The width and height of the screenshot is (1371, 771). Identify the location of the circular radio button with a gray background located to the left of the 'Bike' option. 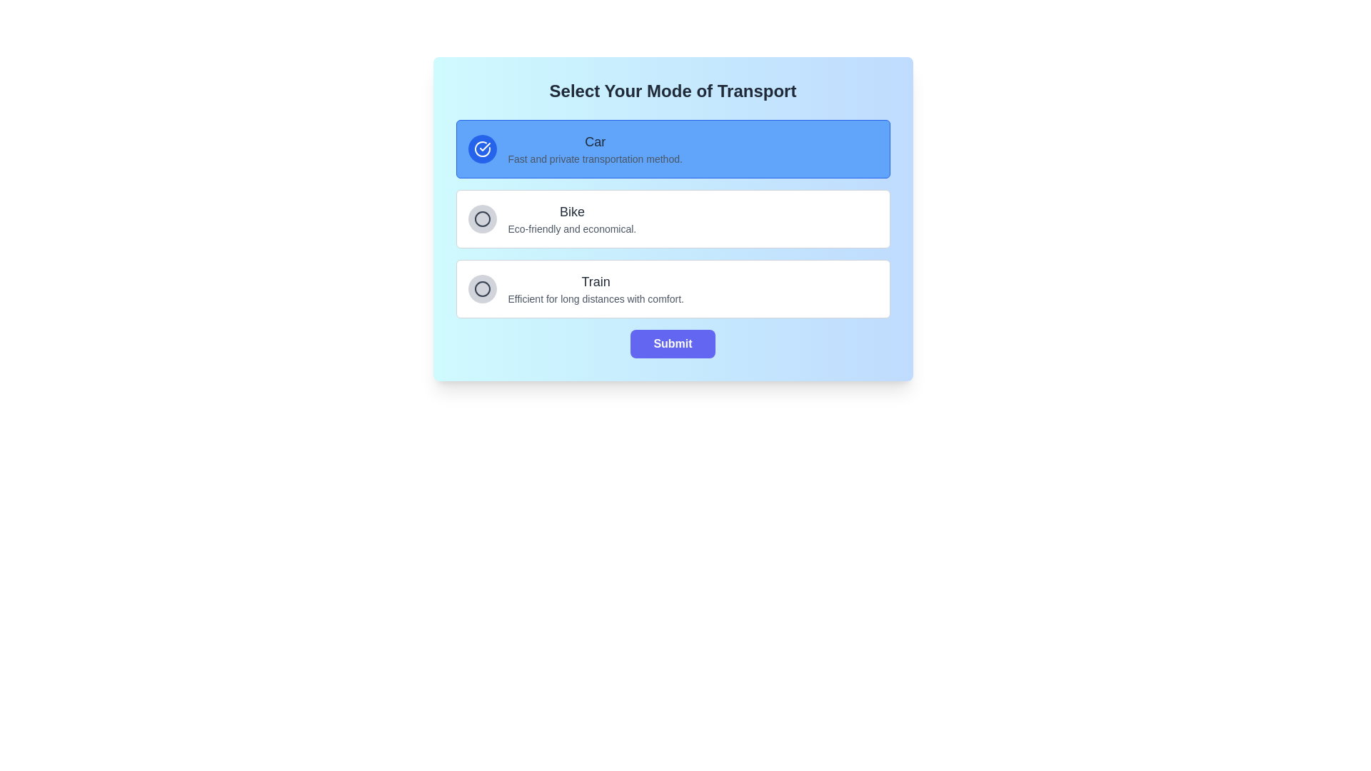
(482, 219).